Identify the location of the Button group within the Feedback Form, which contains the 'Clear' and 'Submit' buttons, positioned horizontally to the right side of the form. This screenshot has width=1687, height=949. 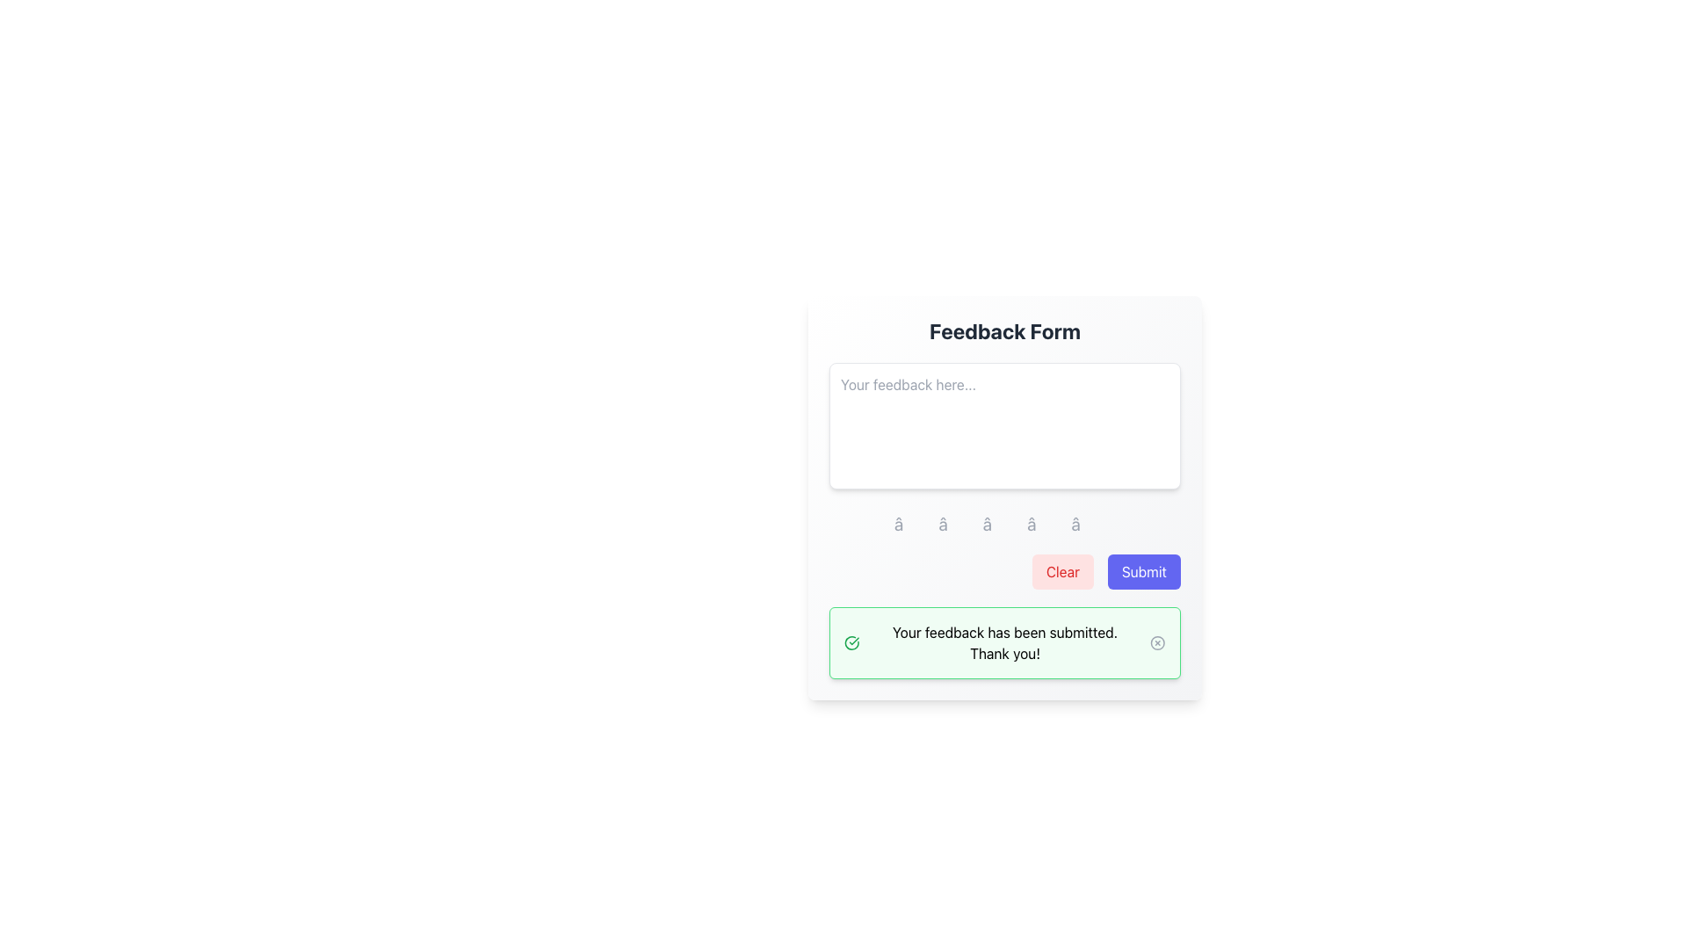
(1004, 572).